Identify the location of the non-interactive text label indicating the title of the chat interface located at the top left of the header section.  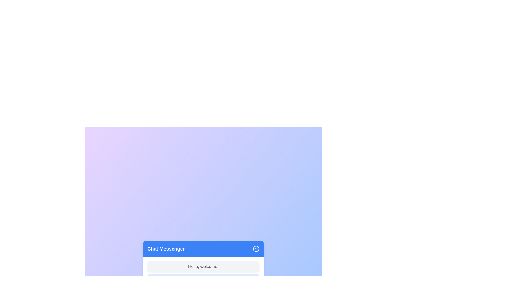
(166, 249).